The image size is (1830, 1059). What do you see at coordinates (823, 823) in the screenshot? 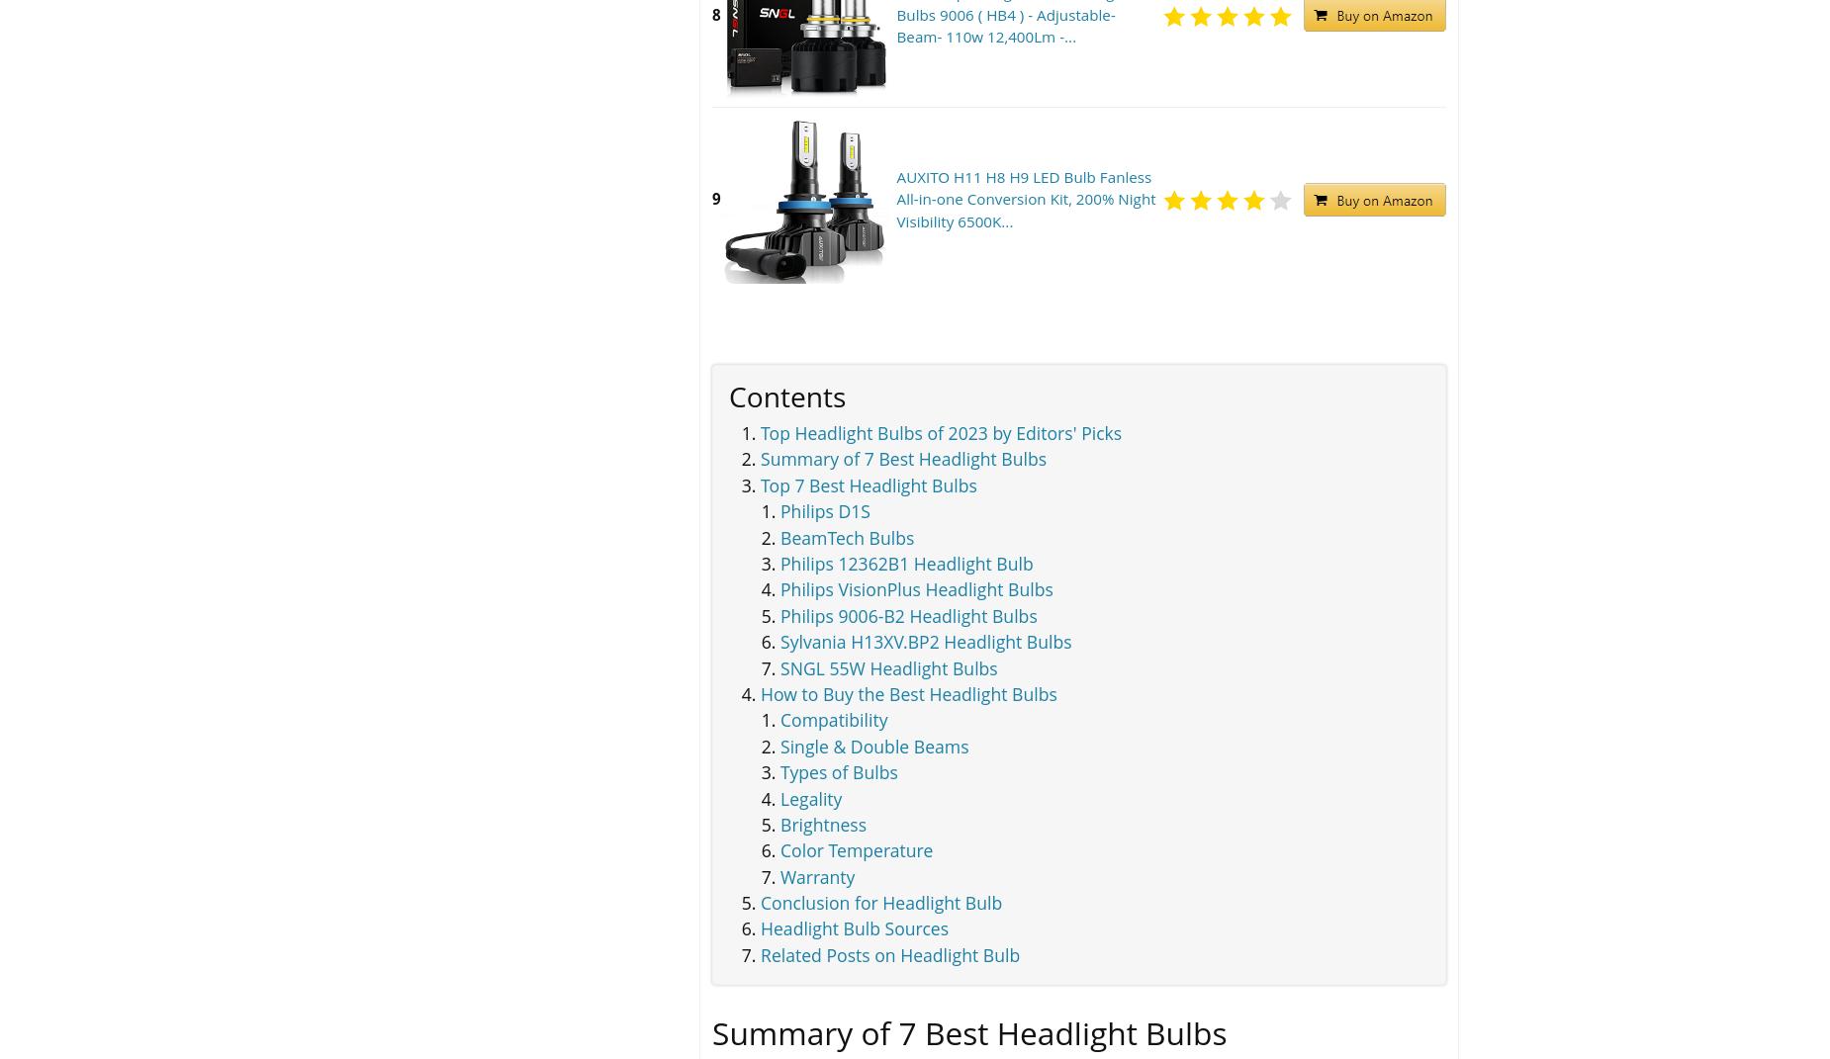
I see `'Brightness'` at bounding box center [823, 823].